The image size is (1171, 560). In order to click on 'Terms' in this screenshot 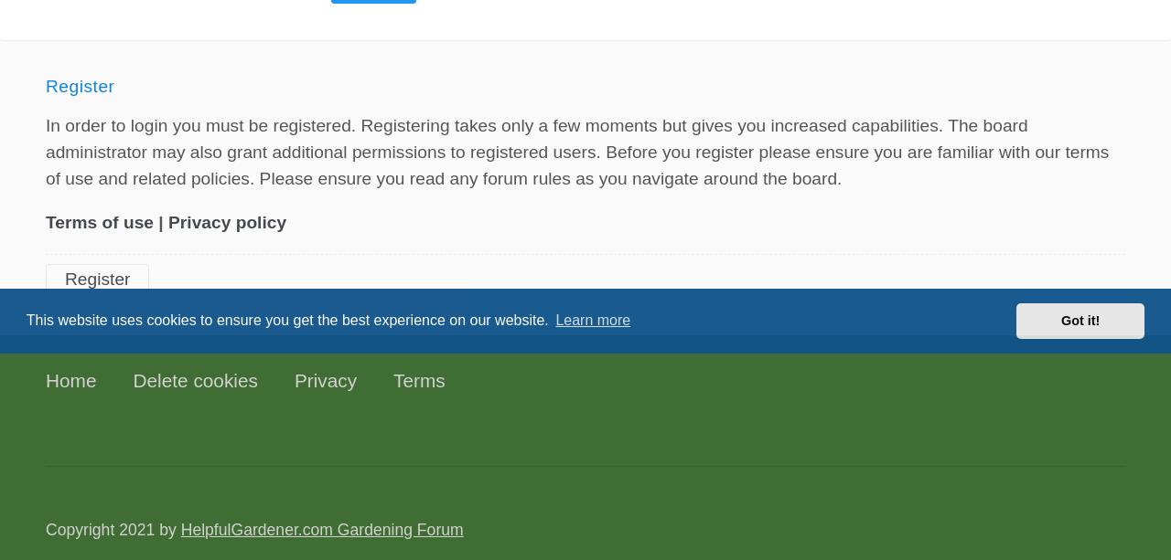, I will do `click(417, 379)`.